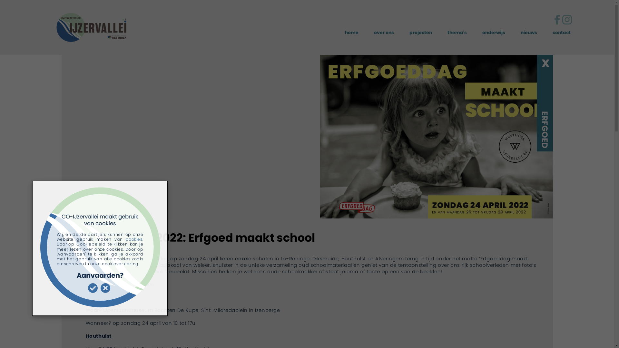 This screenshot has width=619, height=348. What do you see at coordinates (529, 33) in the screenshot?
I see `'nieuws'` at bounding box center [529, 33].